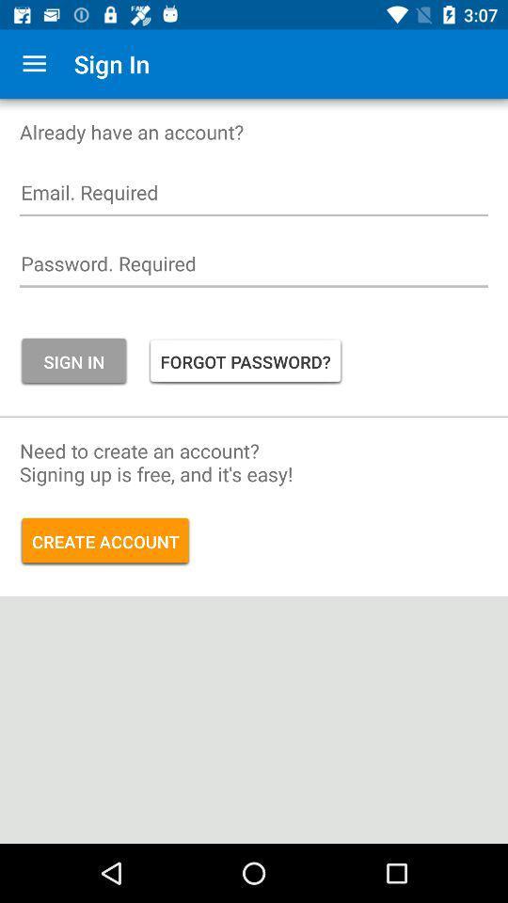 The image size is (508, 903). What do you see at coordinates (246, 360) in the screenshot?
I see `item to the right of the sign in icon` at bounding box center [246, 360].